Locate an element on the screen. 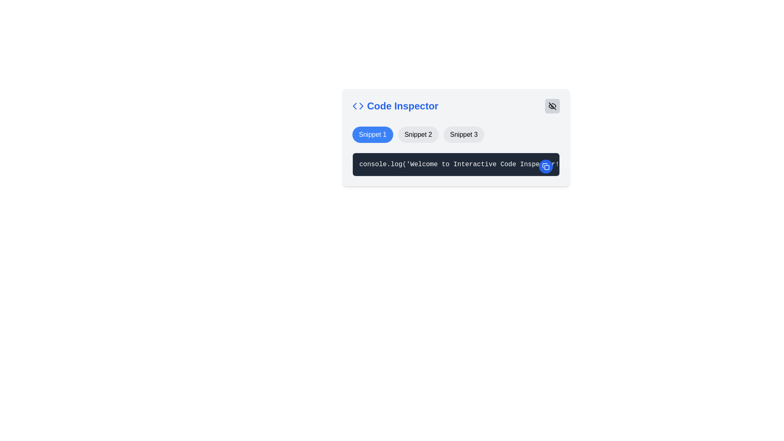  the button labeled 'Snippet 3' which is a rectangular button with rounded edges and a light gray background is located at coordinates (464, 134).